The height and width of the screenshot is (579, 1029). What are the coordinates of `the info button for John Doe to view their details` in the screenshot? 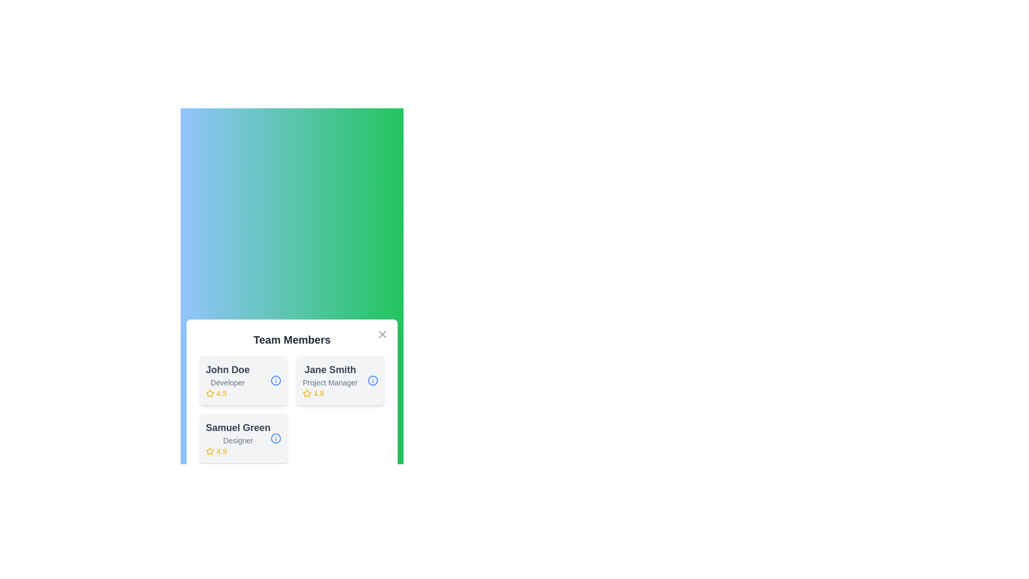 It's located at (275, 380).